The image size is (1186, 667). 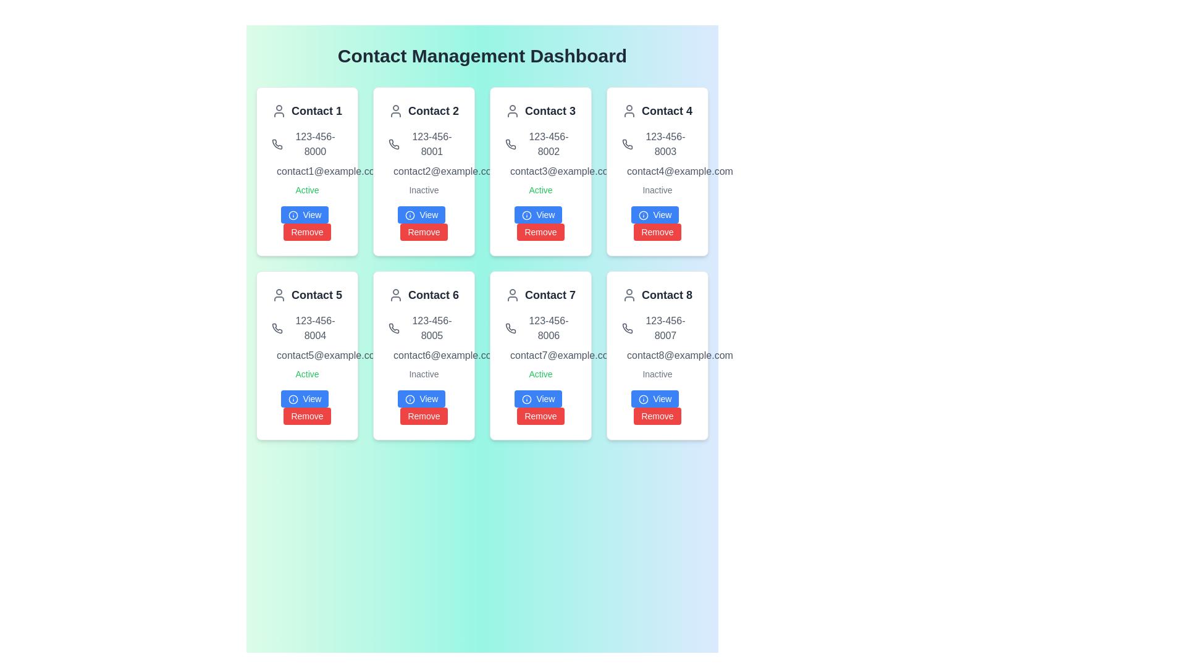 I want to click on the user profile icon in the first contact card, located at the top-left corner of the interface, next to 'Contact 1', so click(x=278, y=111).